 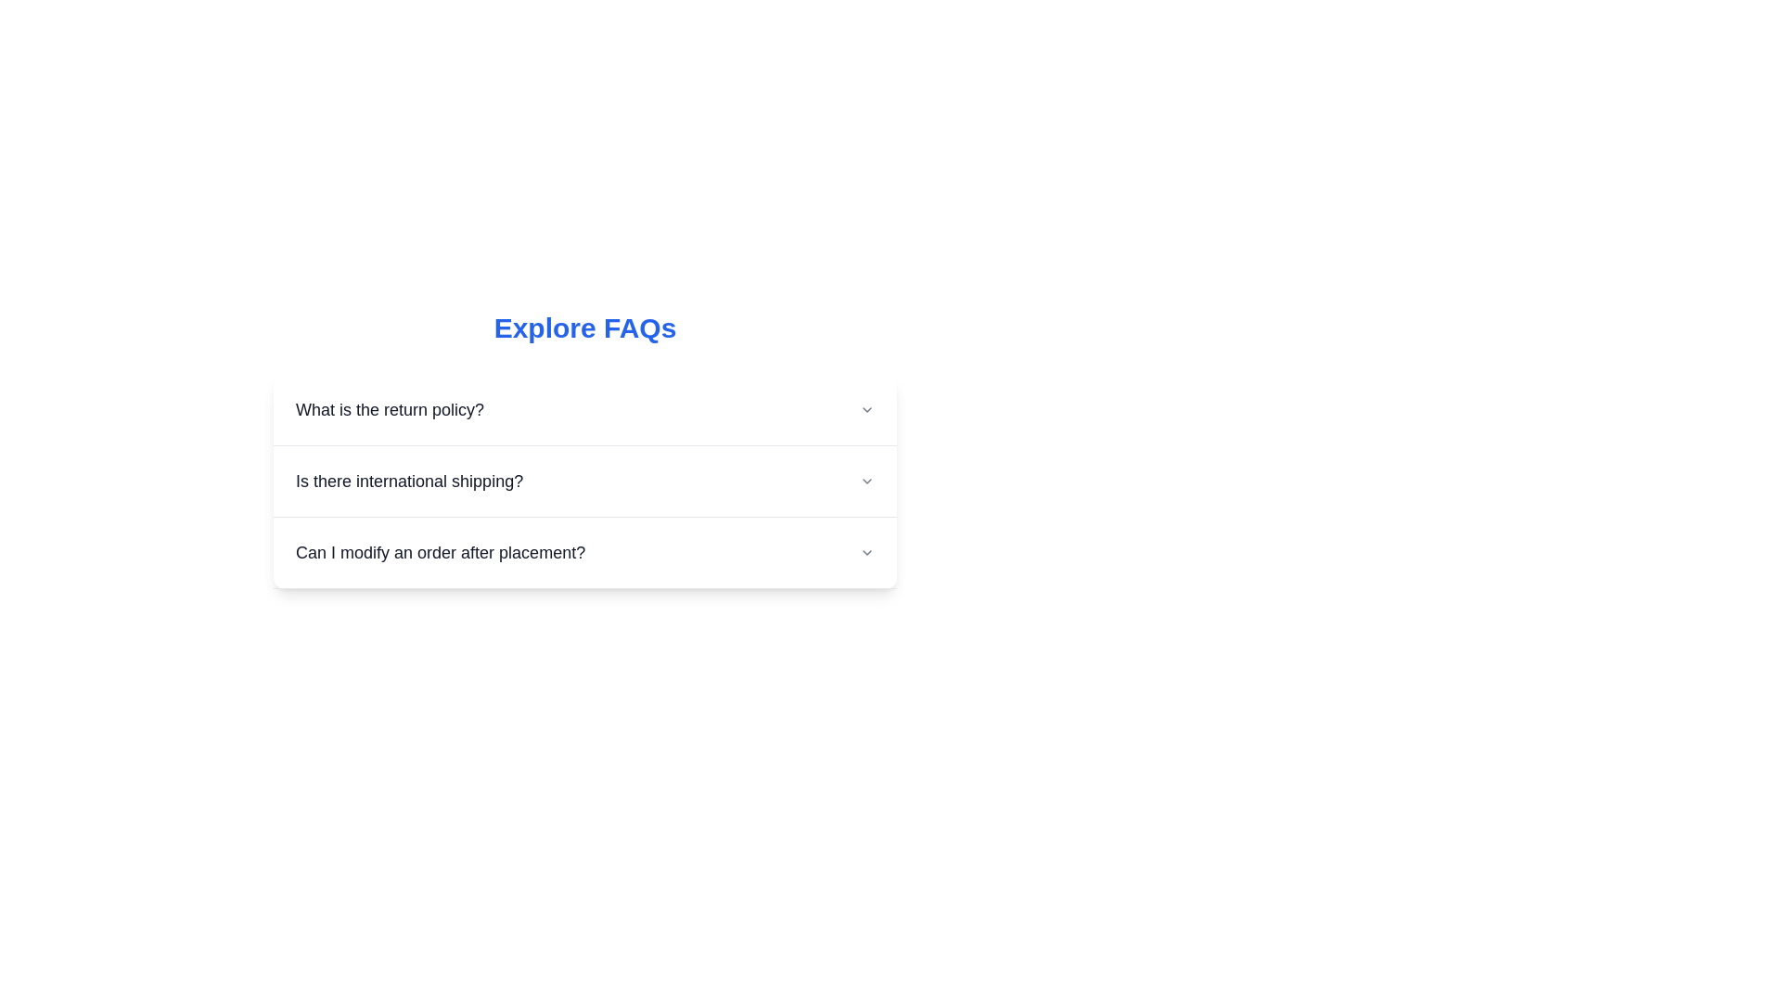 What do you see at coordinates (583, 481) in the screenshot?
I see `the Interactive FAQ entry for the question 'Is there international shipping?'` at bounding box center [583, 481].